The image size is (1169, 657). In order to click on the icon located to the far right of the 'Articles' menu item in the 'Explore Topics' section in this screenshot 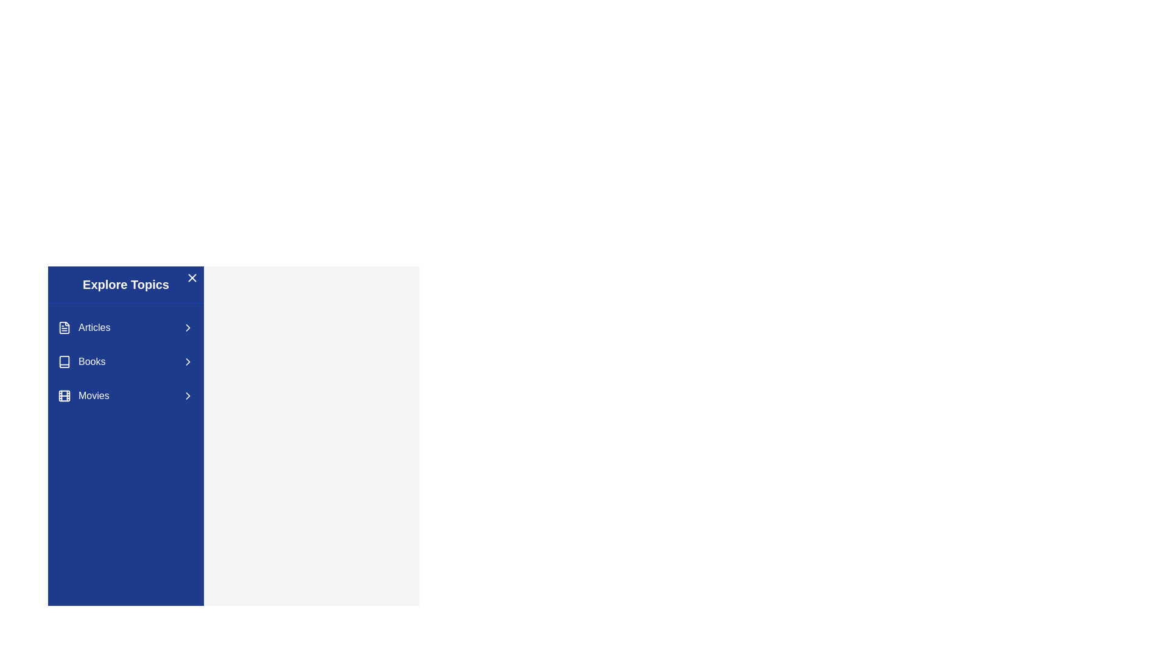, I will do `click(187, 327)`.